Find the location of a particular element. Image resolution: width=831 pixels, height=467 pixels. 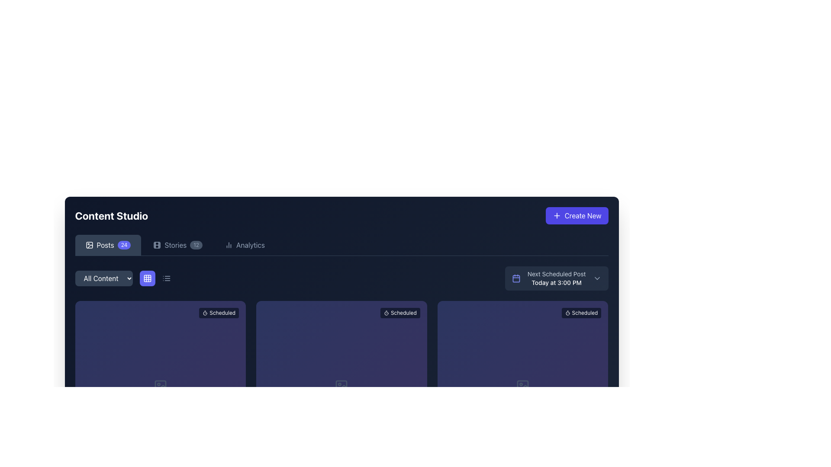

text label that displays 'Scheduled' in white font on a dark blue background, located in the upper-right corner of the content card, to understand the scheduling status is located at coordinates (222, 313).